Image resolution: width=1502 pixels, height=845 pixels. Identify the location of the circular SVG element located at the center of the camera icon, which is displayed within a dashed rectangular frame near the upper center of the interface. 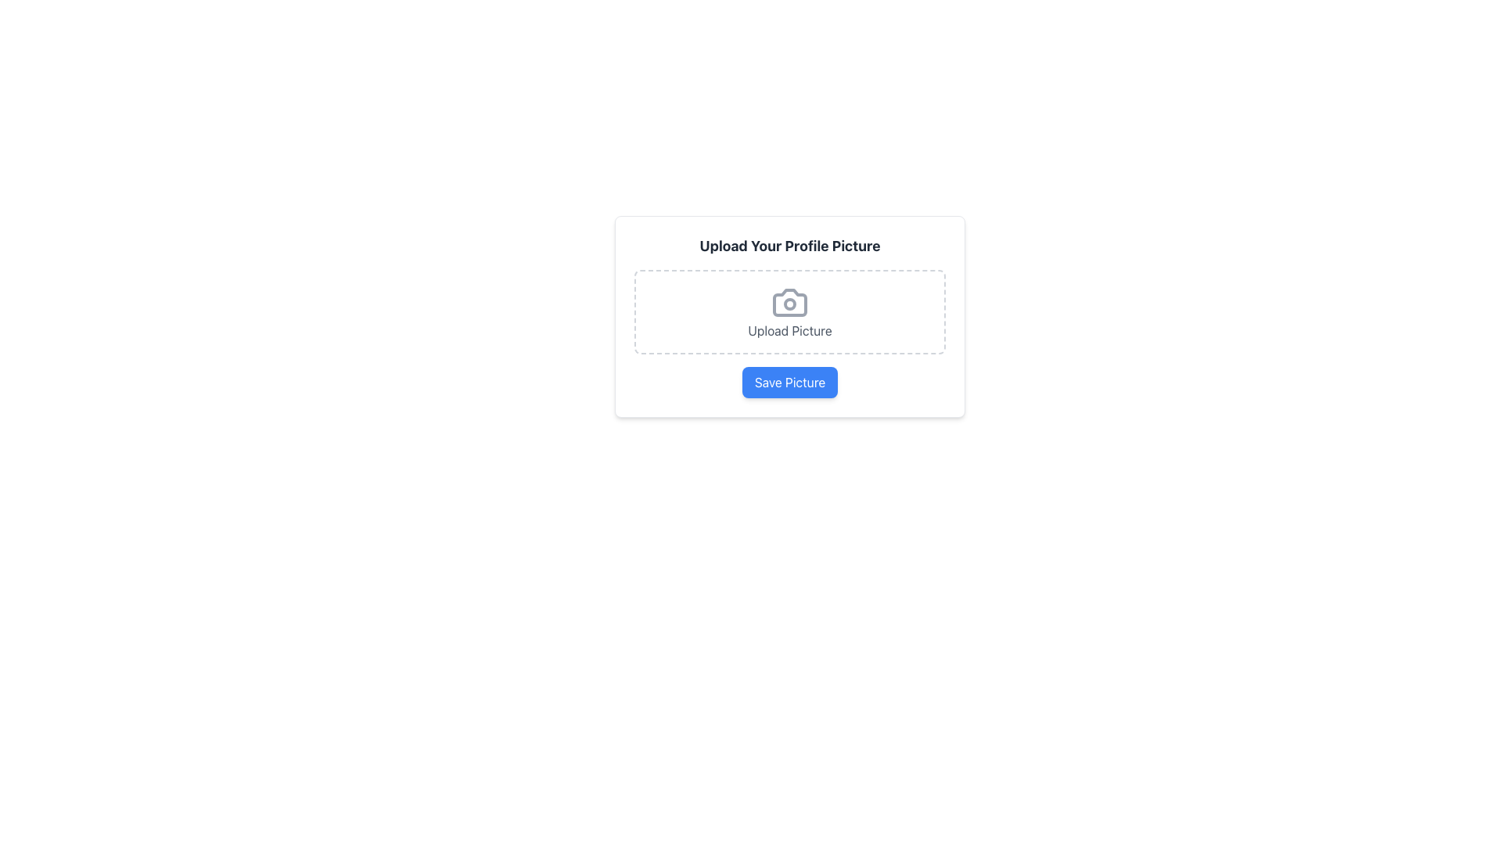
(789, 304).